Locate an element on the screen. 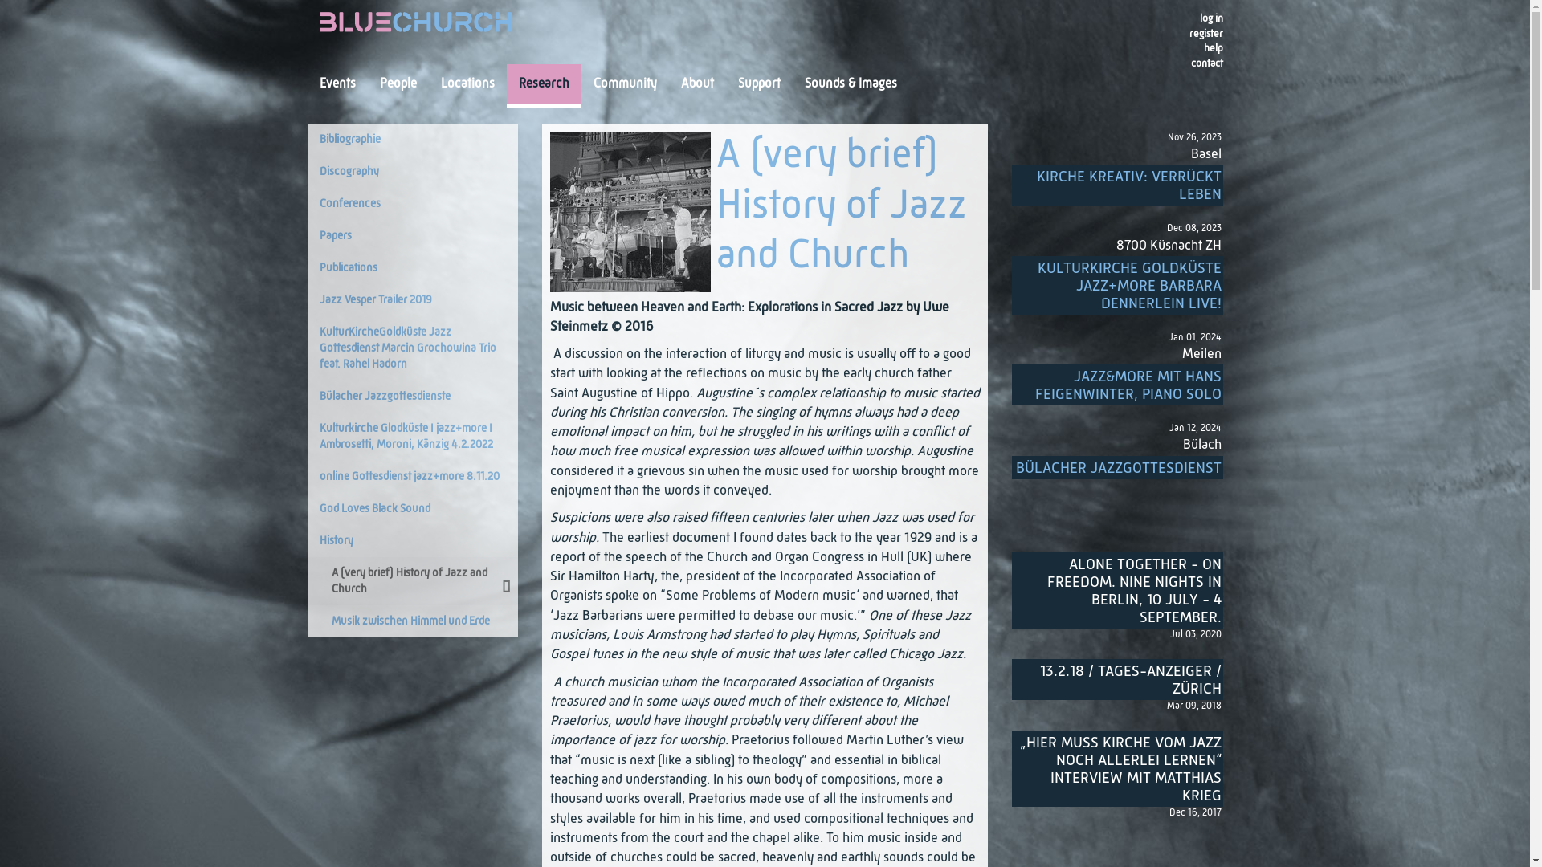  'History' is located at coordinates (412, 541).